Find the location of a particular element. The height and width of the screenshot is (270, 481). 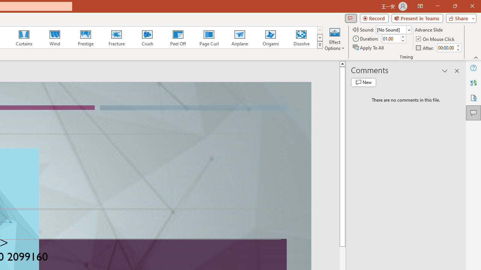

'Row Down' is located at coordinates (320, 37).